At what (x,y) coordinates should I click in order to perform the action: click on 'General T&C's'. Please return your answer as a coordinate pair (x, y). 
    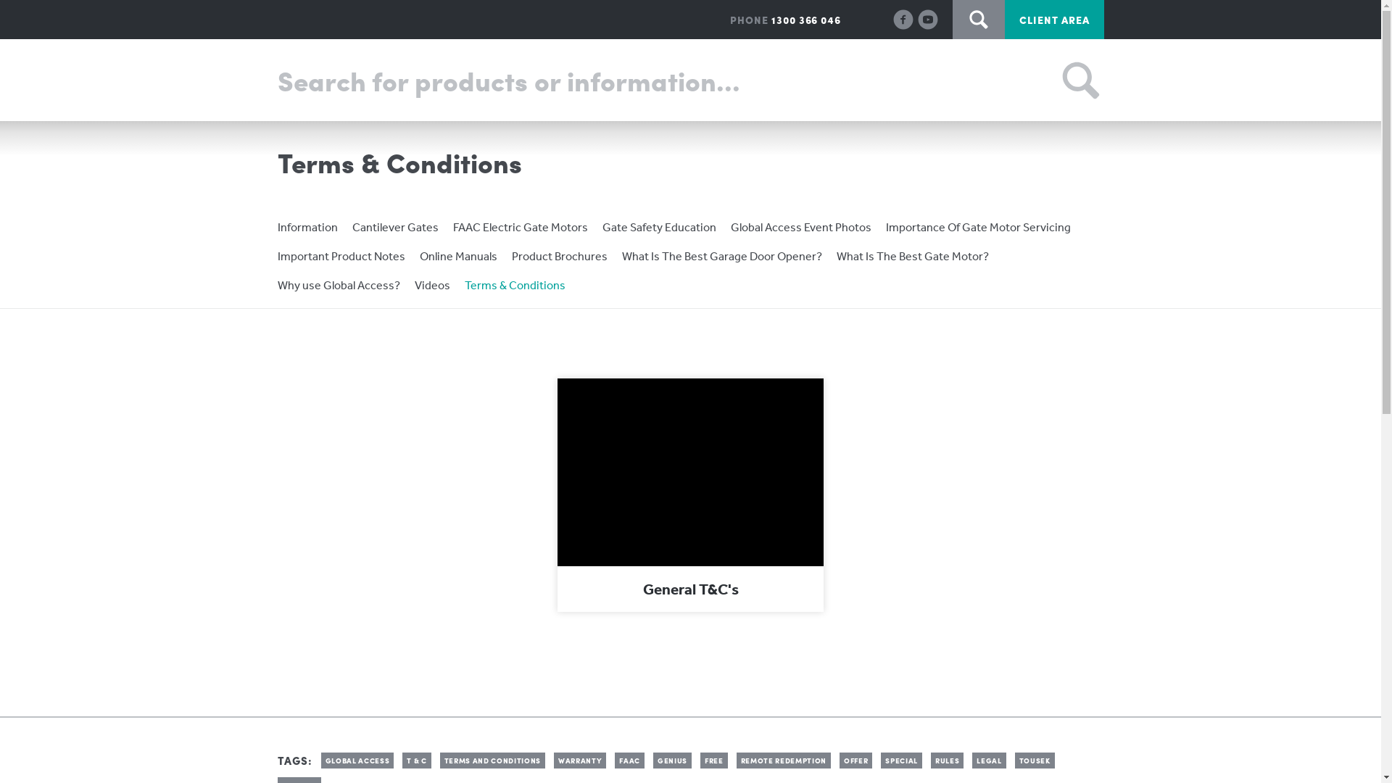
    Looking at the image, I should click on (689, 494).